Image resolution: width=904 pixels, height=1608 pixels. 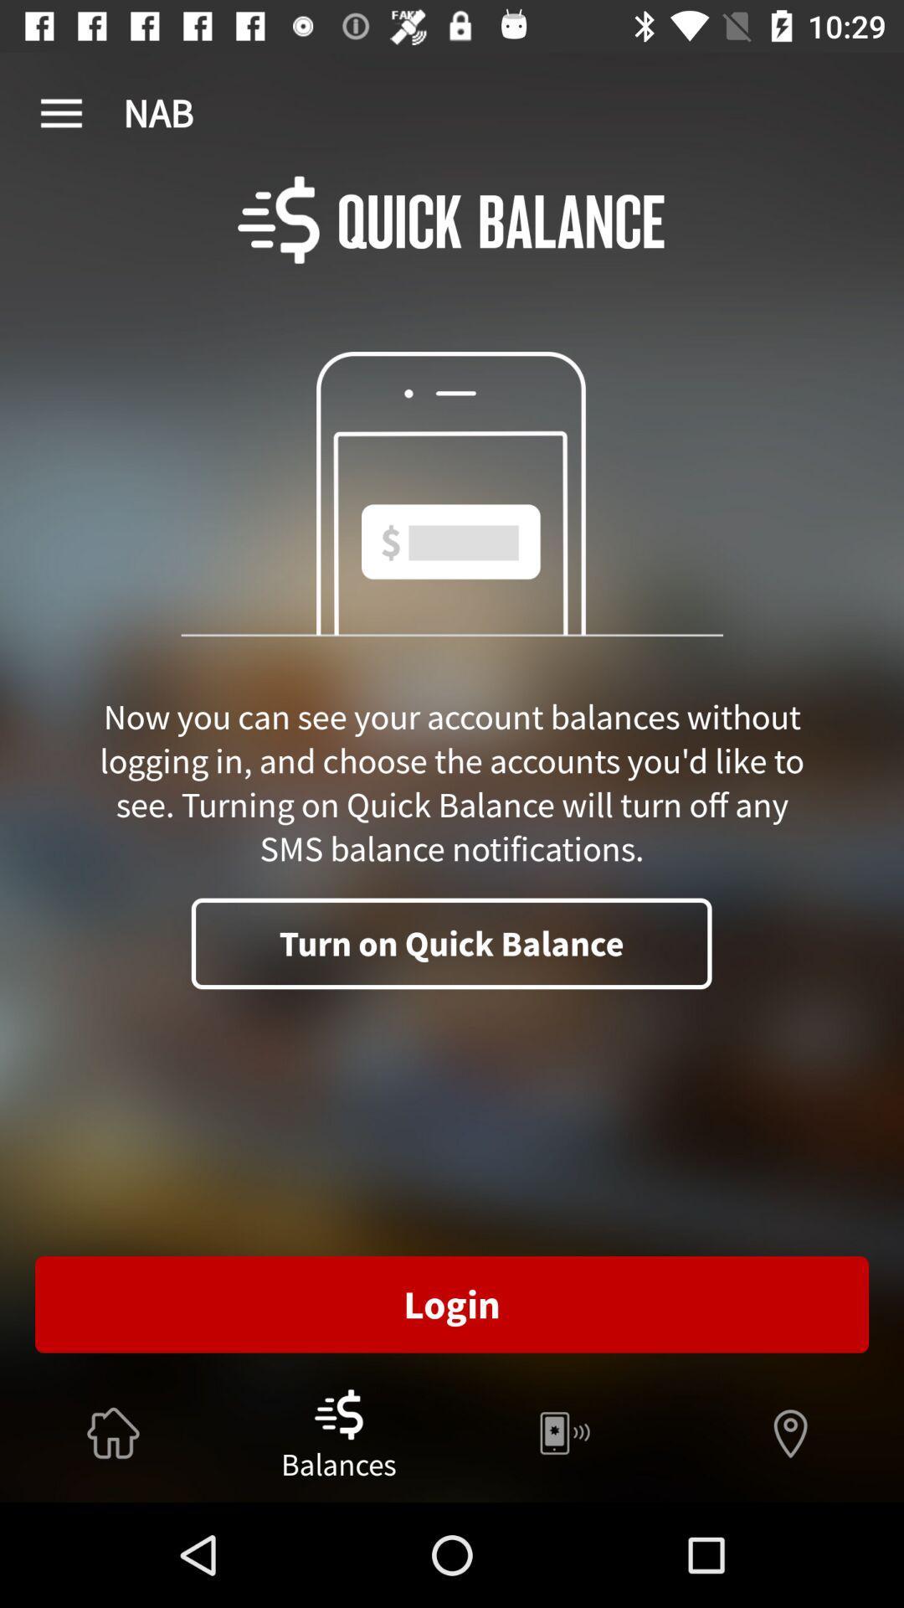 What do you see at coordinates (60, 113) in the screenshot?
I see `item above now you can` at bounding box center [60, 113].